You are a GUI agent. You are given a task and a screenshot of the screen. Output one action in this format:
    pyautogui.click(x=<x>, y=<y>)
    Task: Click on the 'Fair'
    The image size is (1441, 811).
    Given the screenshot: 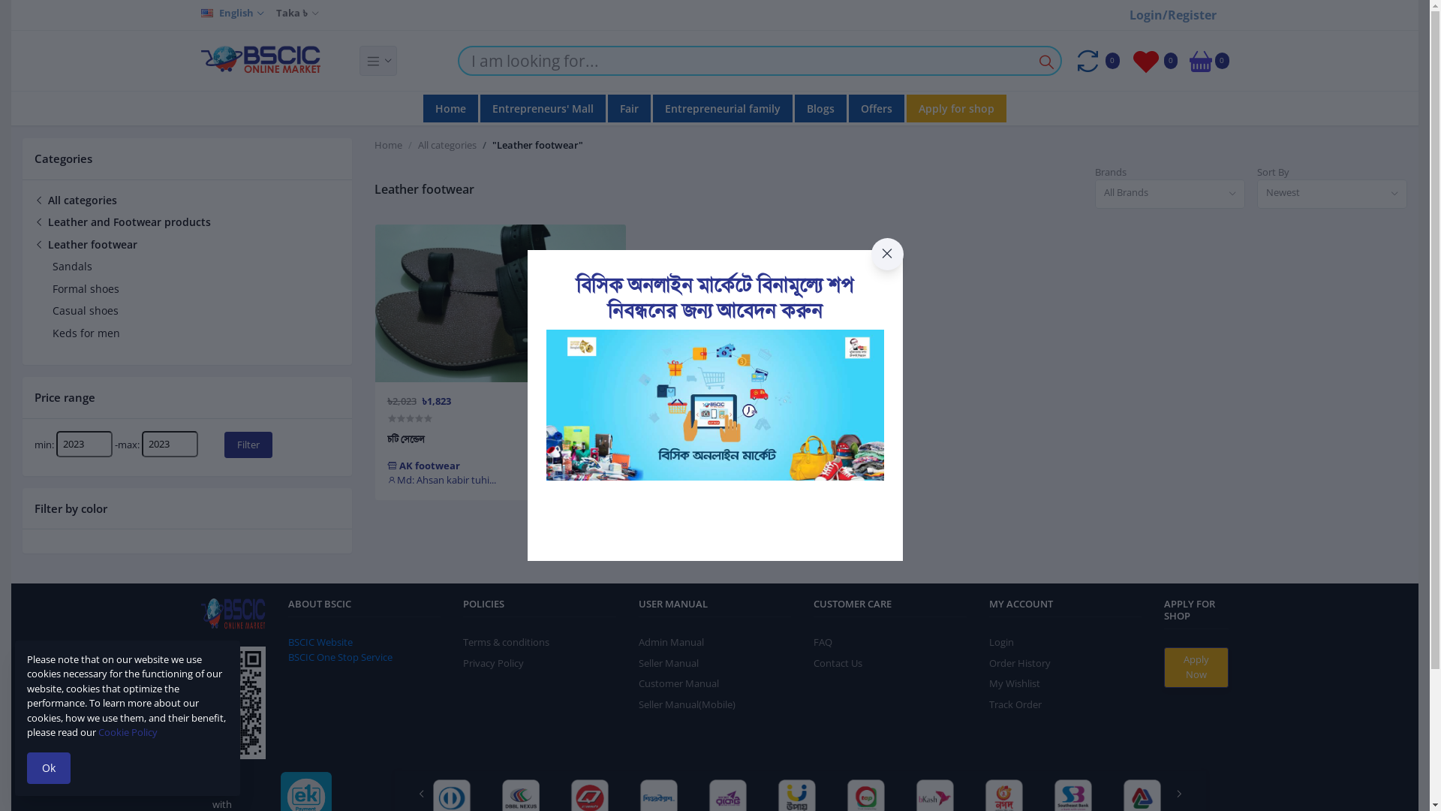 What is the action you would take?
    pyautogui.click(x=629, y=107)
    